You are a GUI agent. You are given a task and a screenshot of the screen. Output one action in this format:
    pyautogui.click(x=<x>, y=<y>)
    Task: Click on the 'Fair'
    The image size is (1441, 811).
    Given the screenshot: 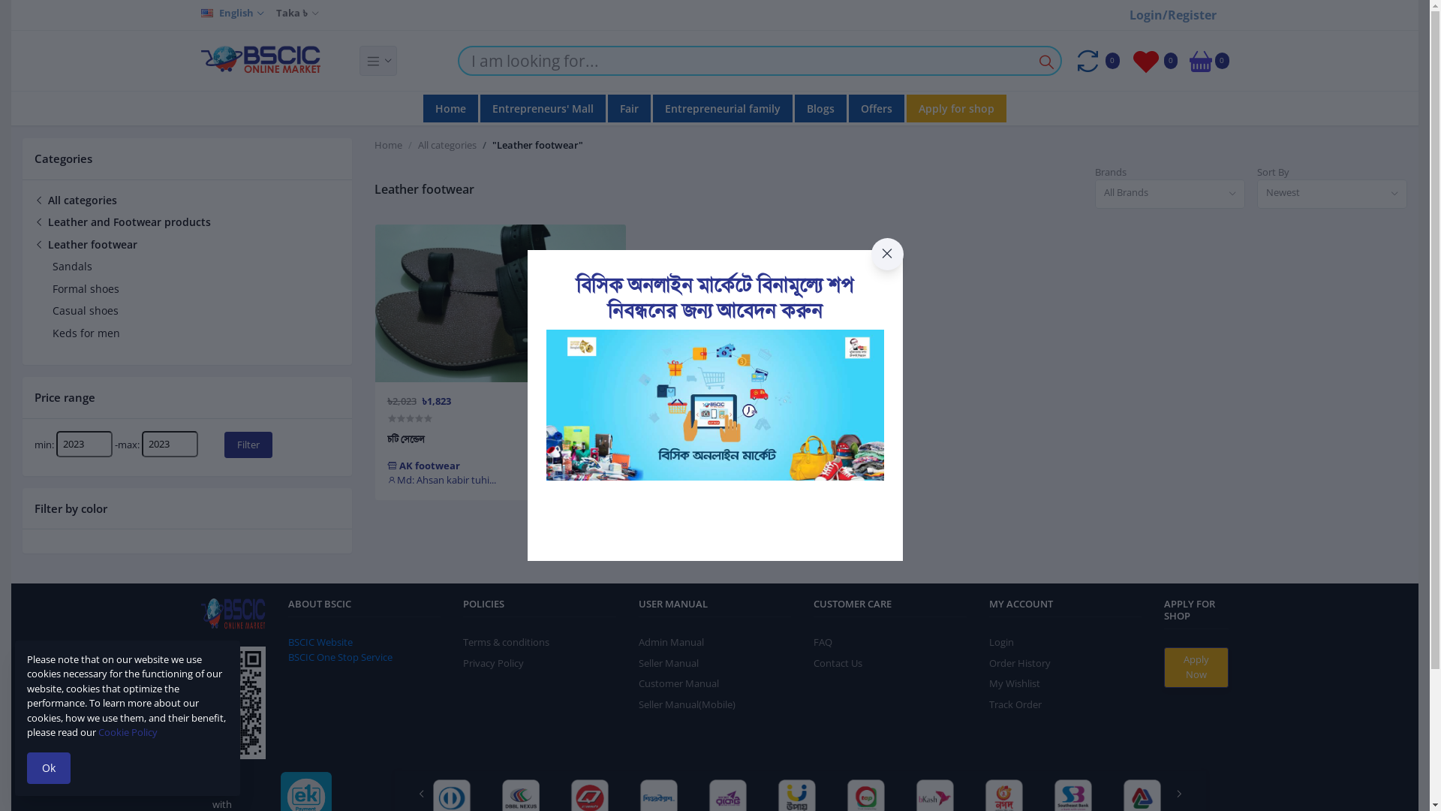 What is the action you would take?
    pyautogui.click(x=629, y=107)
    